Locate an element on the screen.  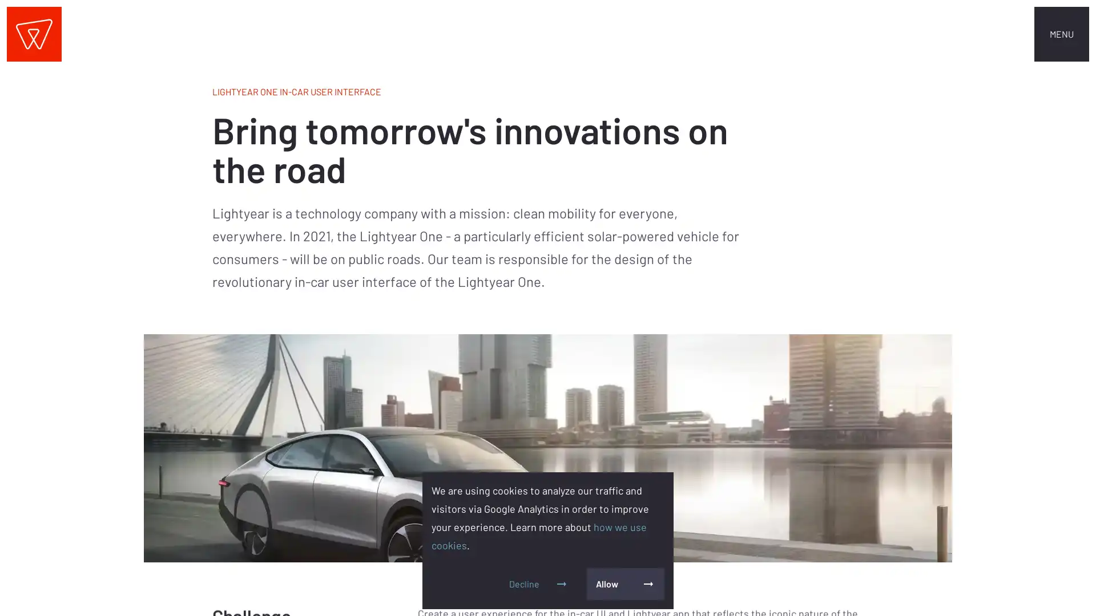
Decline is located at coordinates (538, 583).